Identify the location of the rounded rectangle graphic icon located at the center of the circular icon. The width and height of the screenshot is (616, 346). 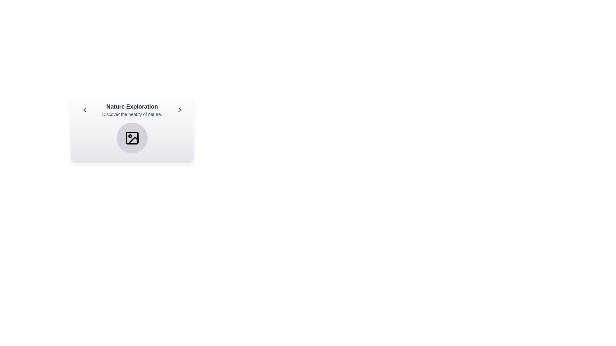
(132, 138).